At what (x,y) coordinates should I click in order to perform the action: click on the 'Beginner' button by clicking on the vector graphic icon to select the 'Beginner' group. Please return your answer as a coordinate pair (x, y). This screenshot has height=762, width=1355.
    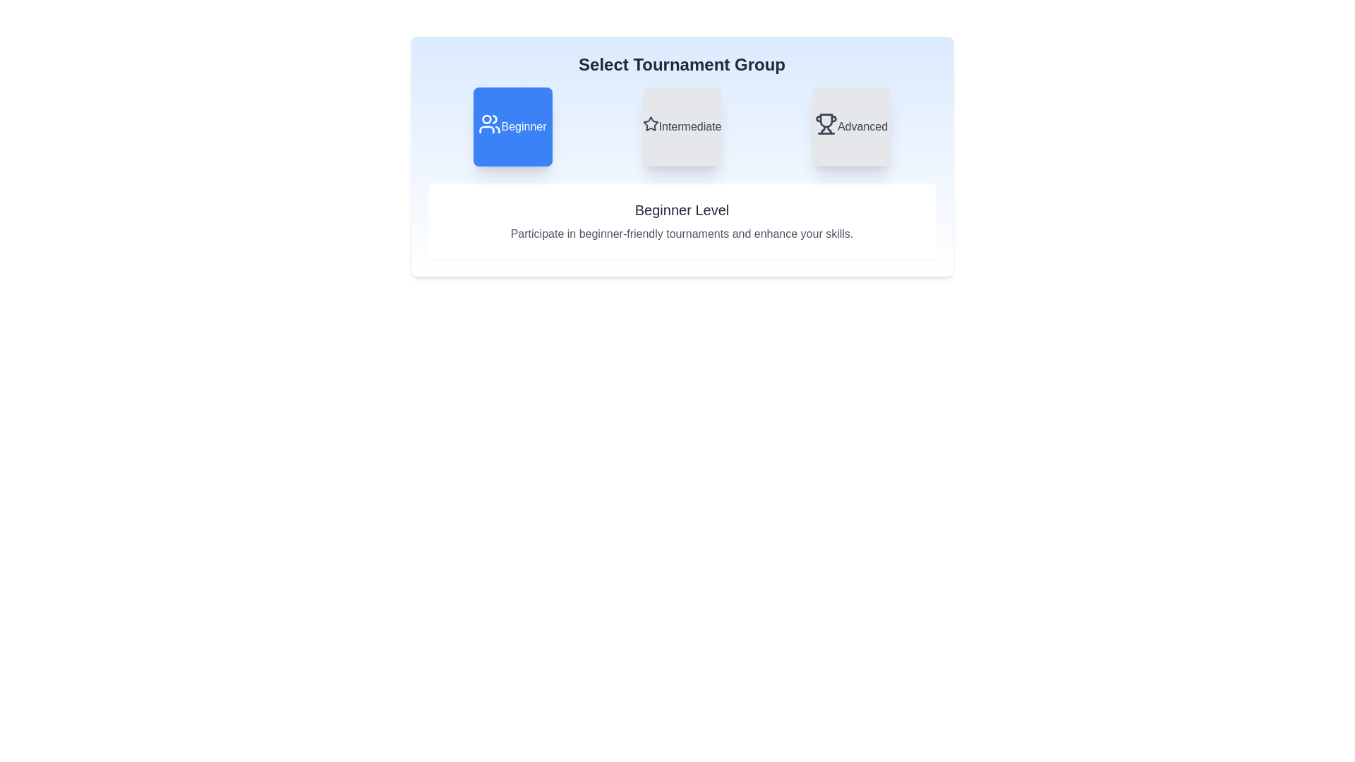
    Looking at the image, I should click on (490, 123).